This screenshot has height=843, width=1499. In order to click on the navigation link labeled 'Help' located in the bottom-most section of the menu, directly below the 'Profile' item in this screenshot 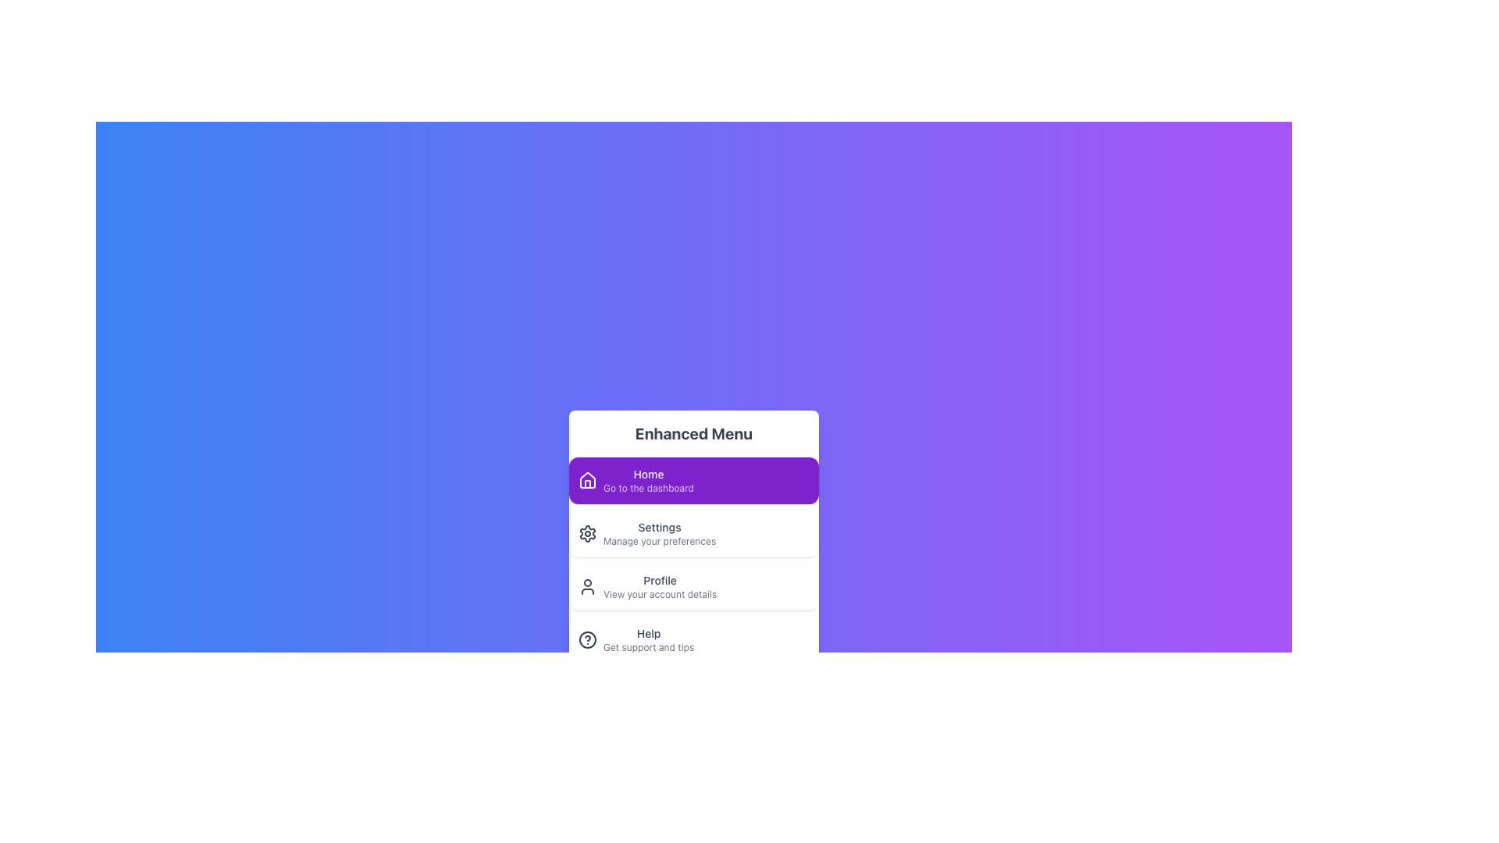, I will do `click(649, 640)`.